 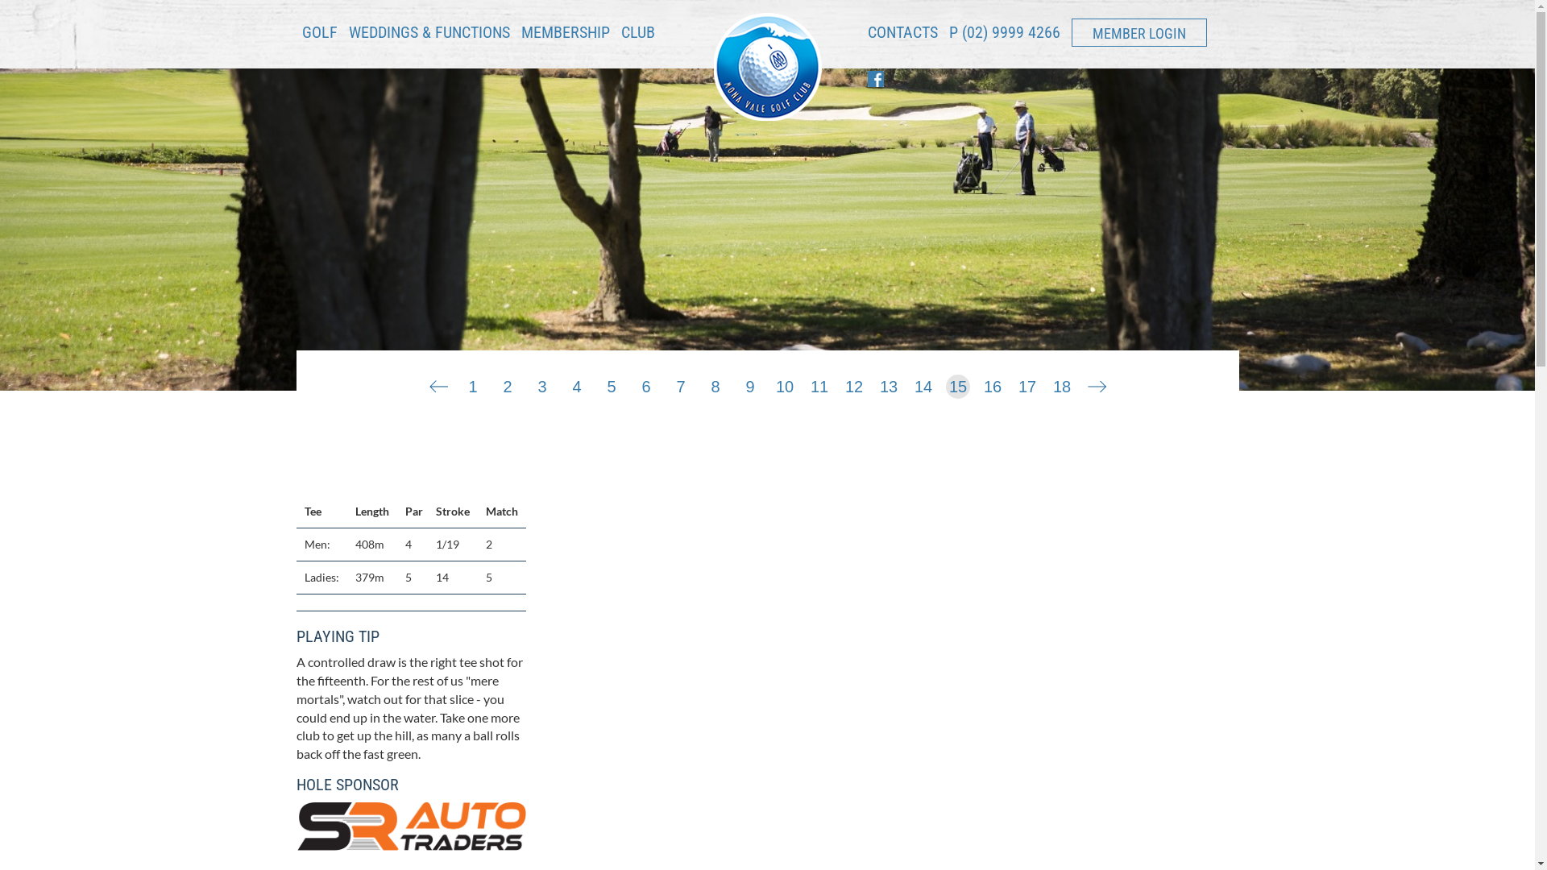 What do you see at coordinates (1096, 383) in the screenshot?
I see `'Hole 16'` at bounding box center [1096, 383].